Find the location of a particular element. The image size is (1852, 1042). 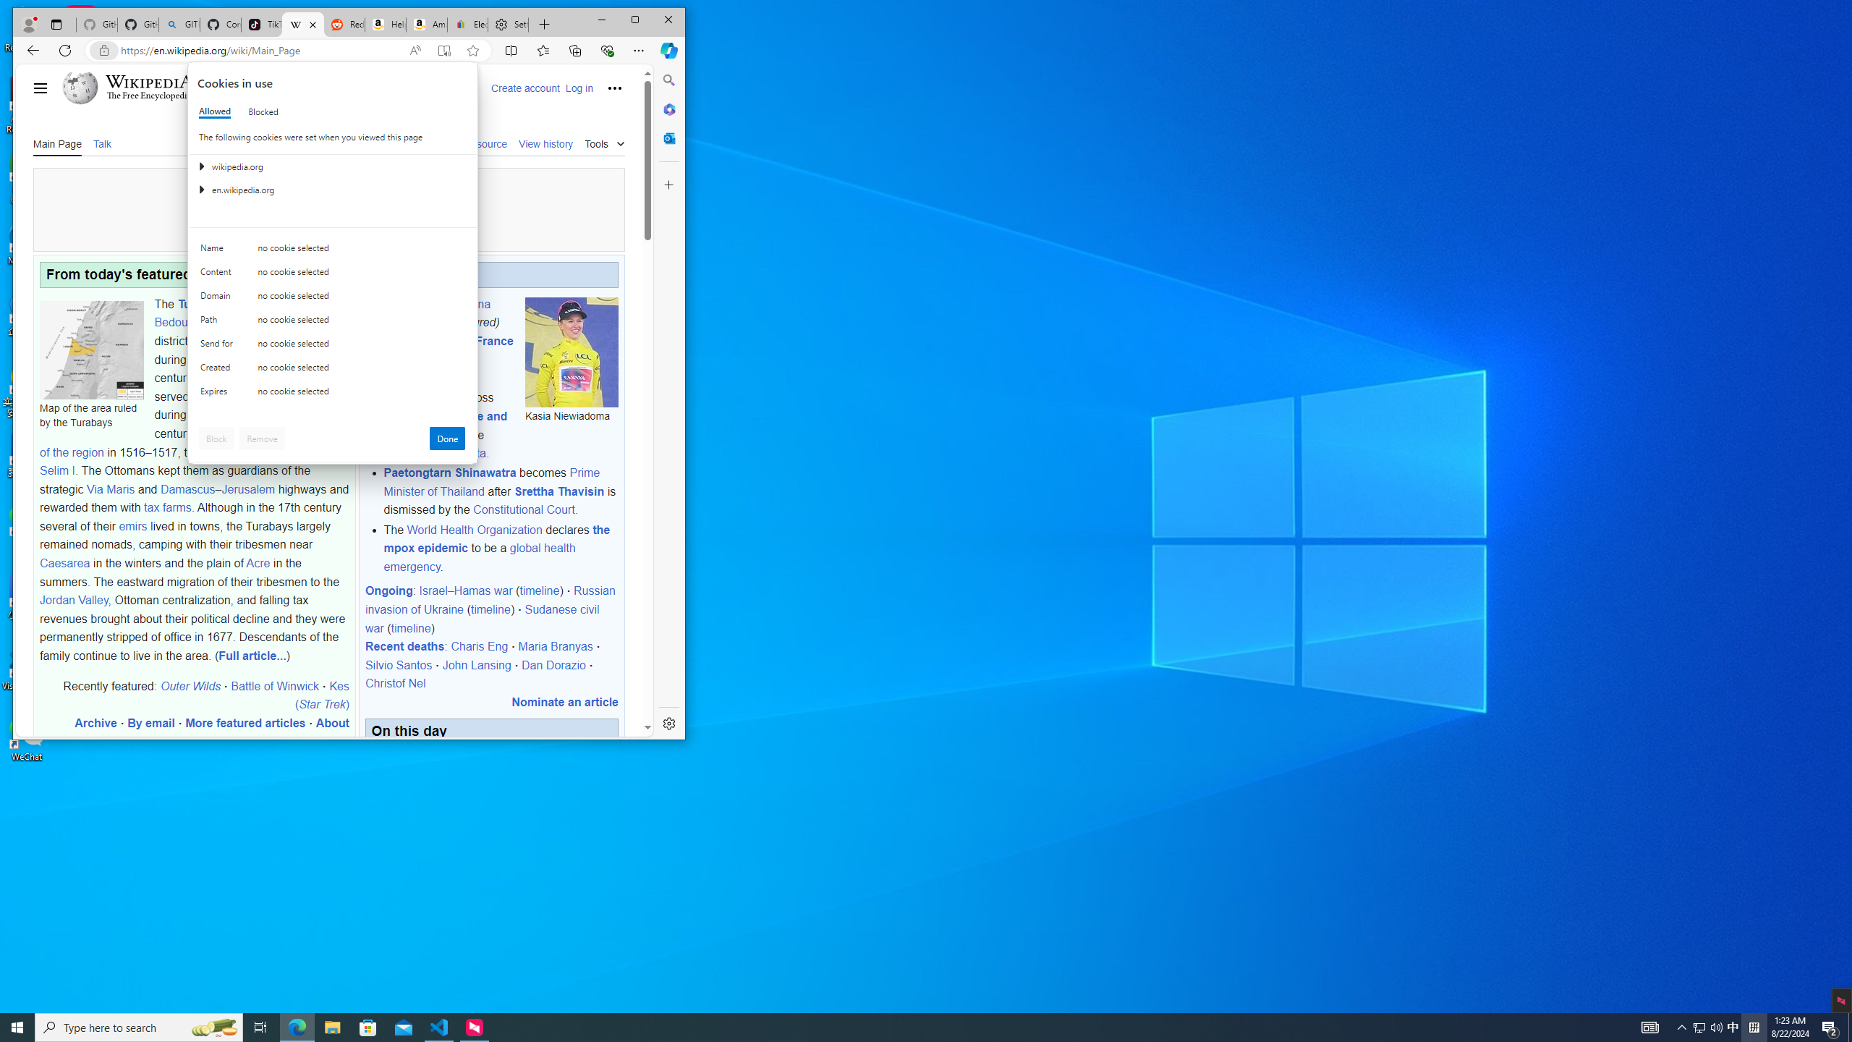

'Content' is located at coordinates (218, 274).